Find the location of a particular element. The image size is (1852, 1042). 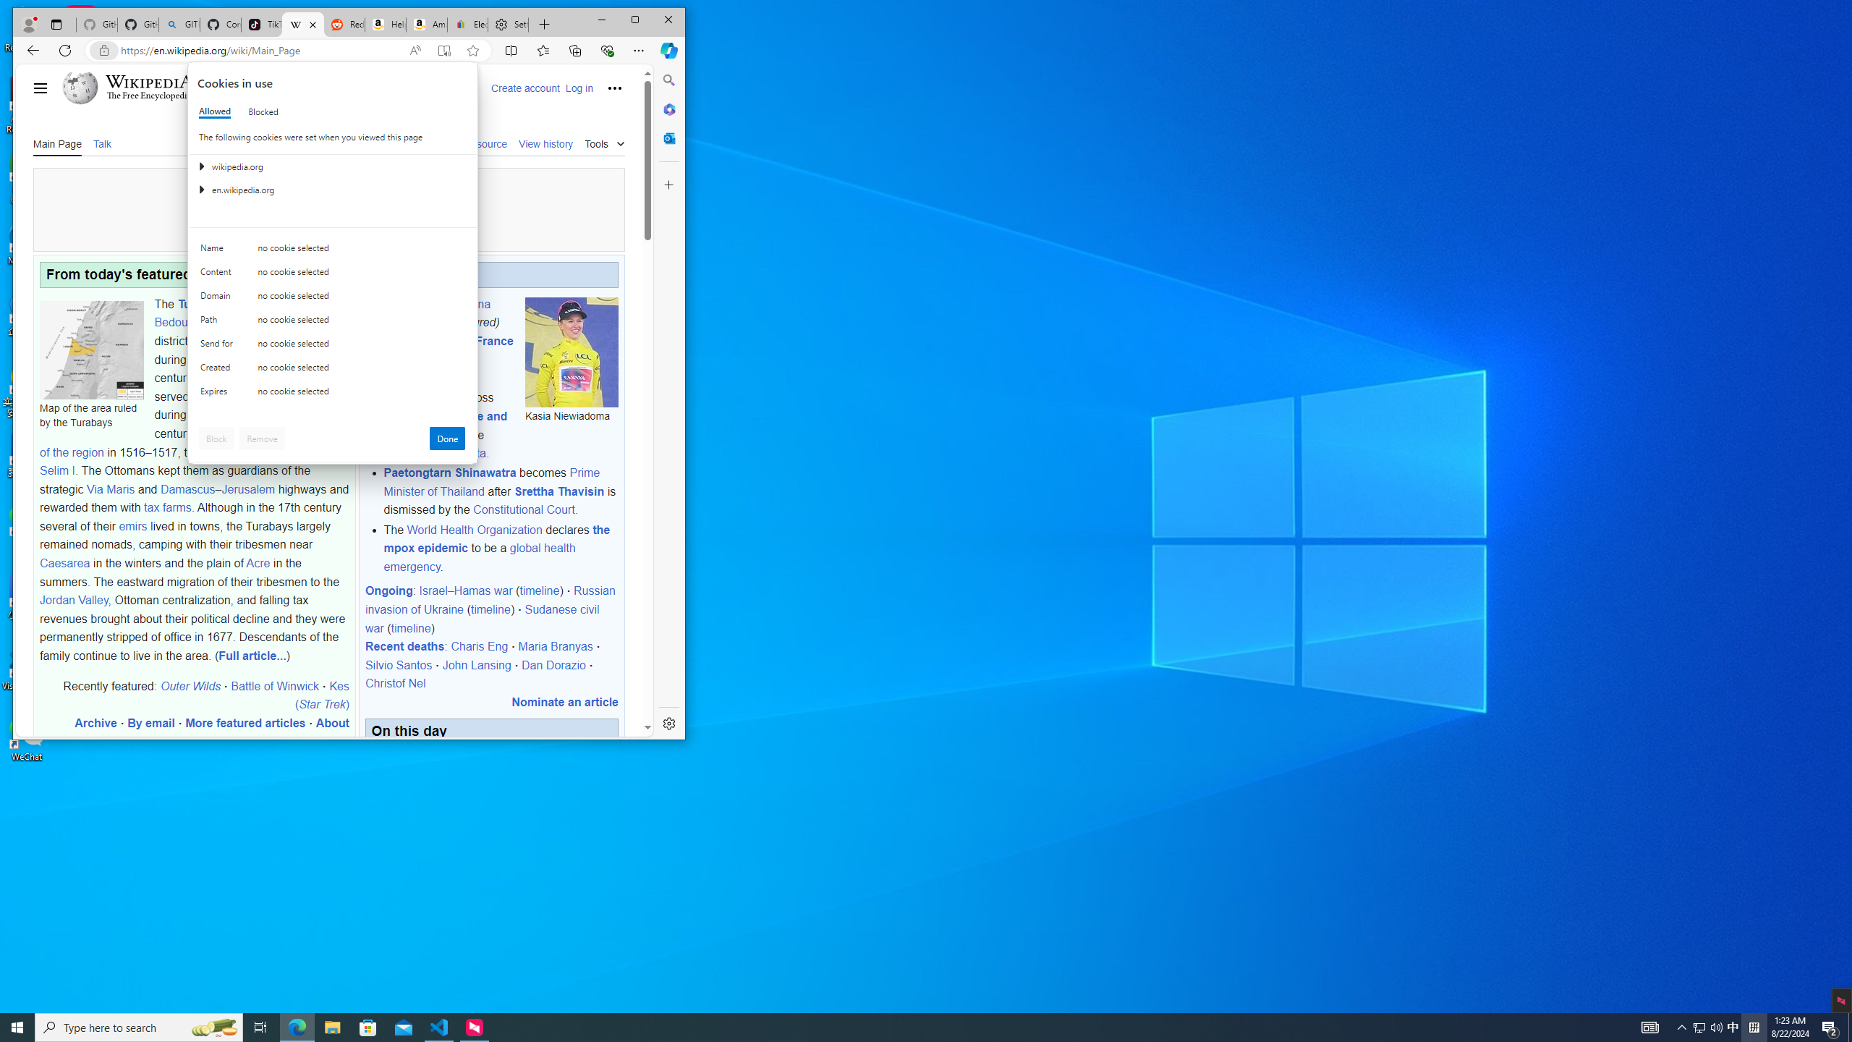

'Content' is located at coordinates (218, 274).